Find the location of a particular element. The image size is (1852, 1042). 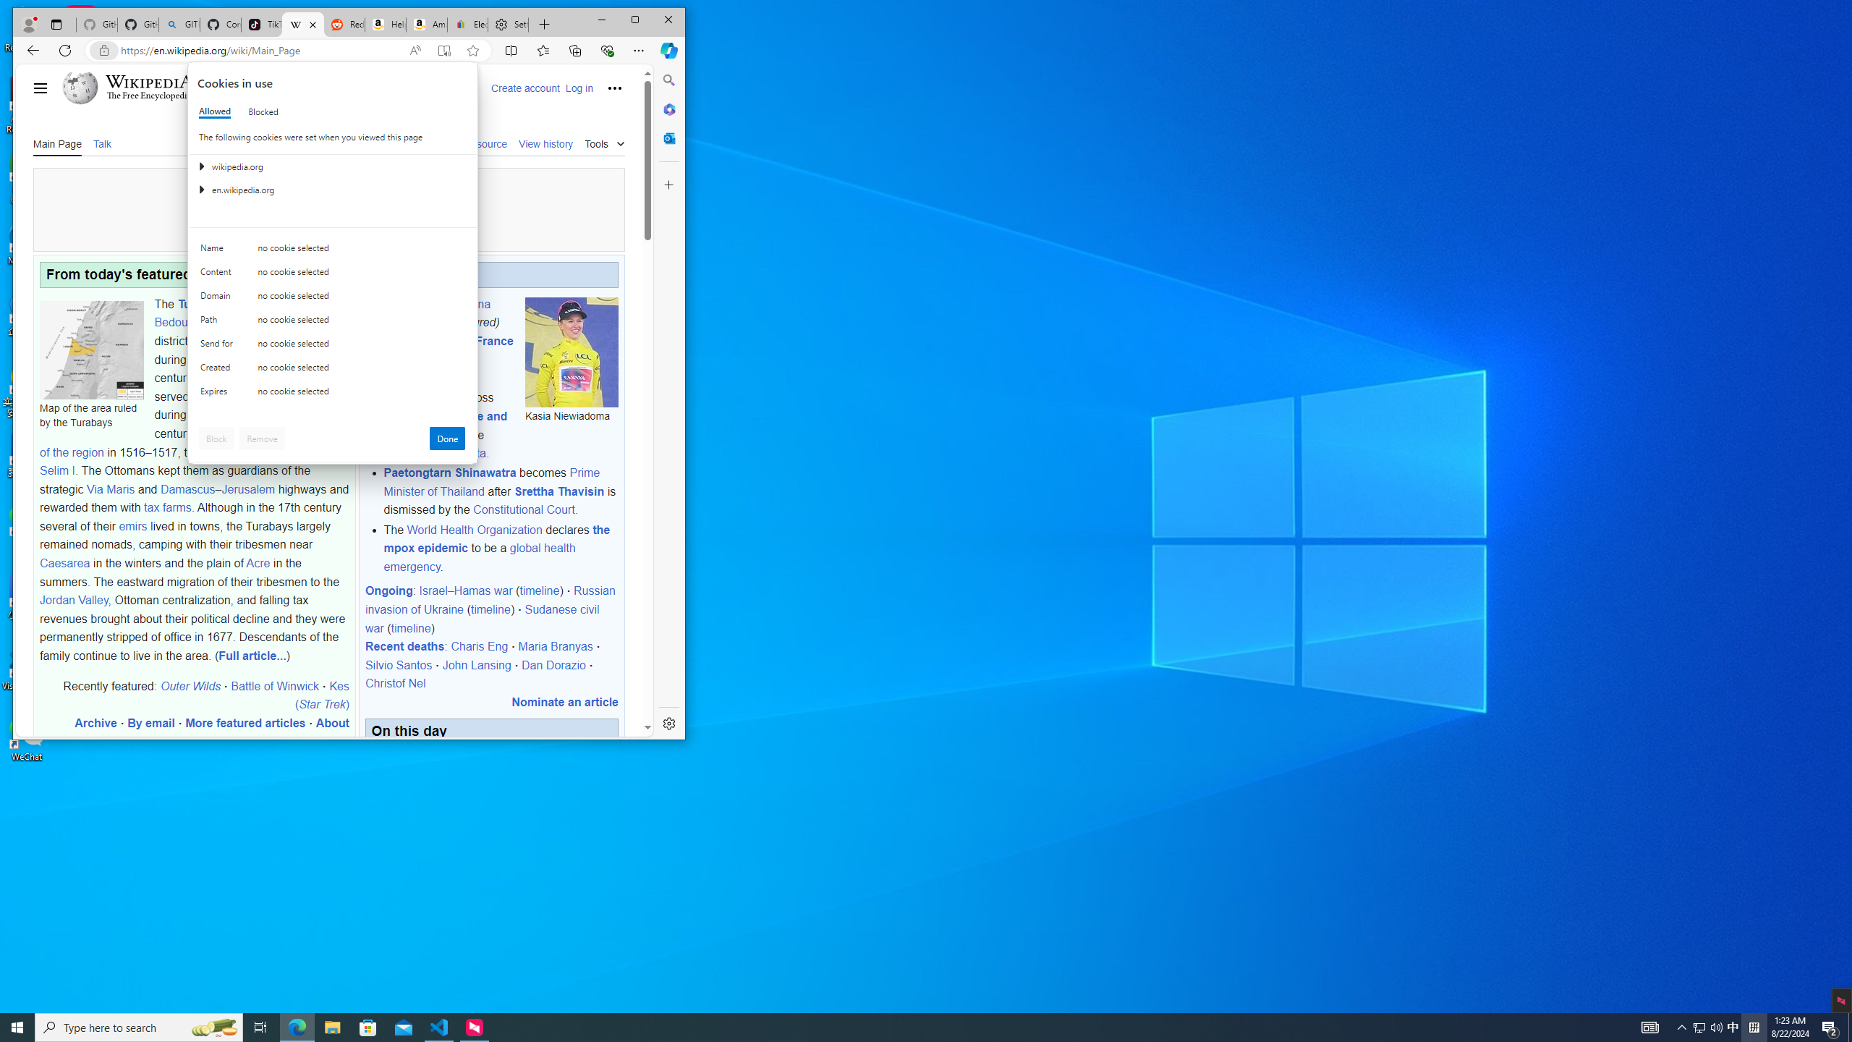

'Content' is located at coordinates (218, 274).